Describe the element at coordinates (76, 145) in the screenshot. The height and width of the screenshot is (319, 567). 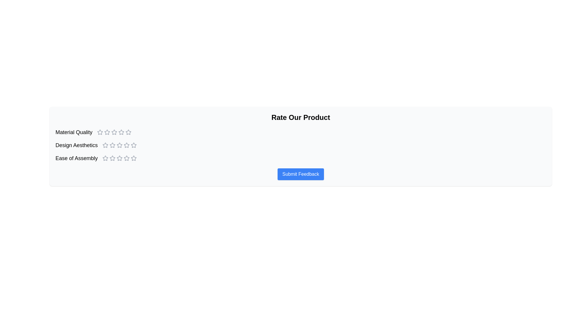
I see `the text label element that reads 'Design Aesthetics', which is the second row in a vertically aligned list of rating options, located between 'Material Quality' and 'Ease of Assembly'` at that location.